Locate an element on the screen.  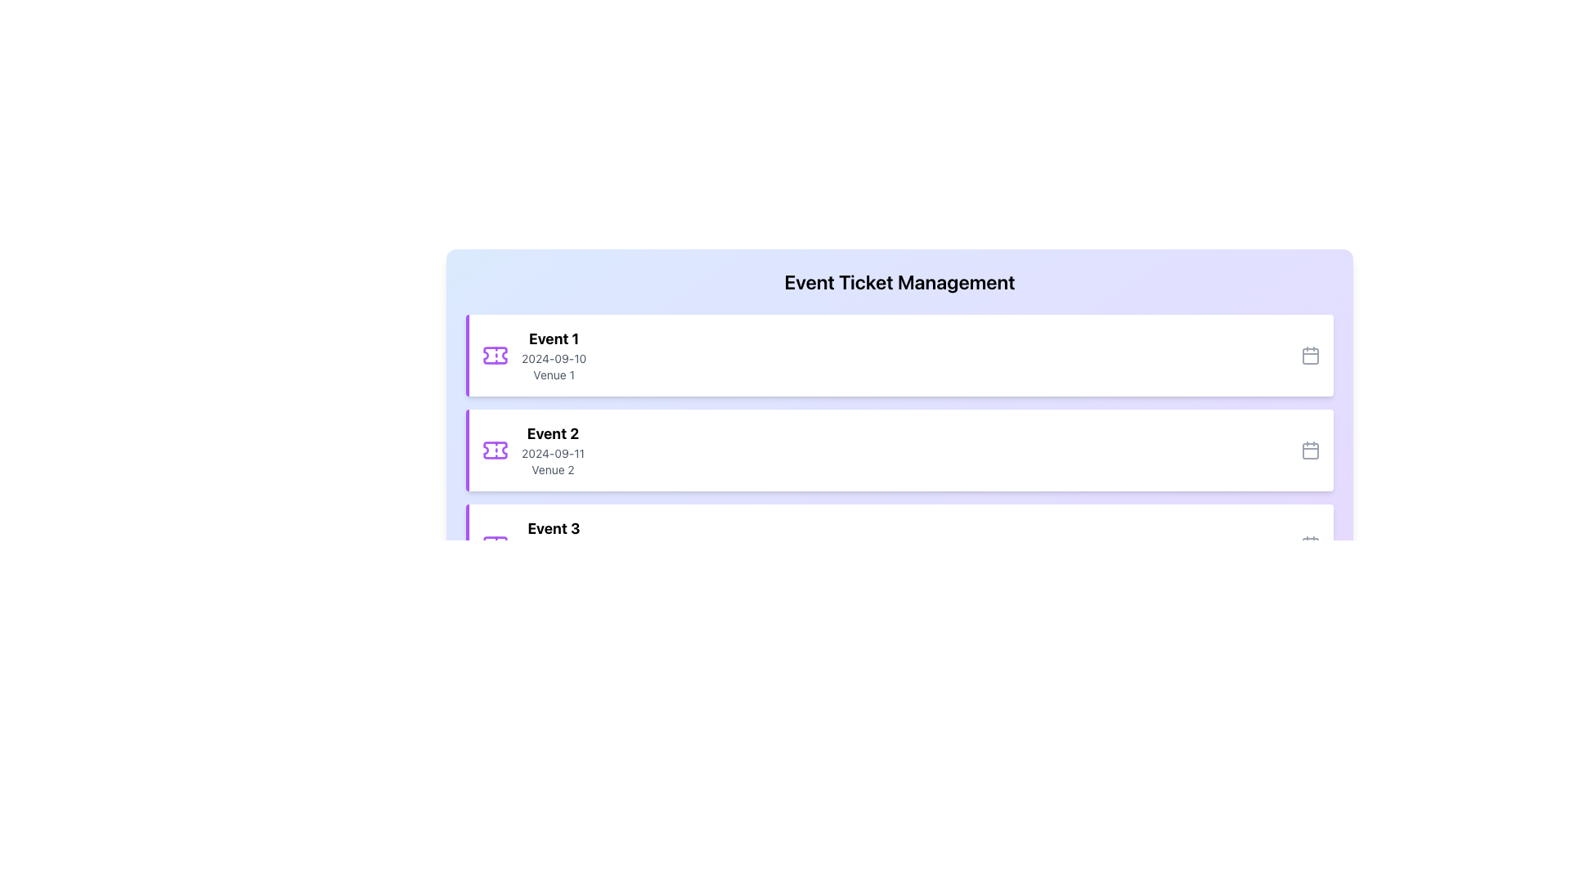
the center of the icon located at the rightmost side of the third event row labeled 'Event 3' is located at coordinates (1311, 545).